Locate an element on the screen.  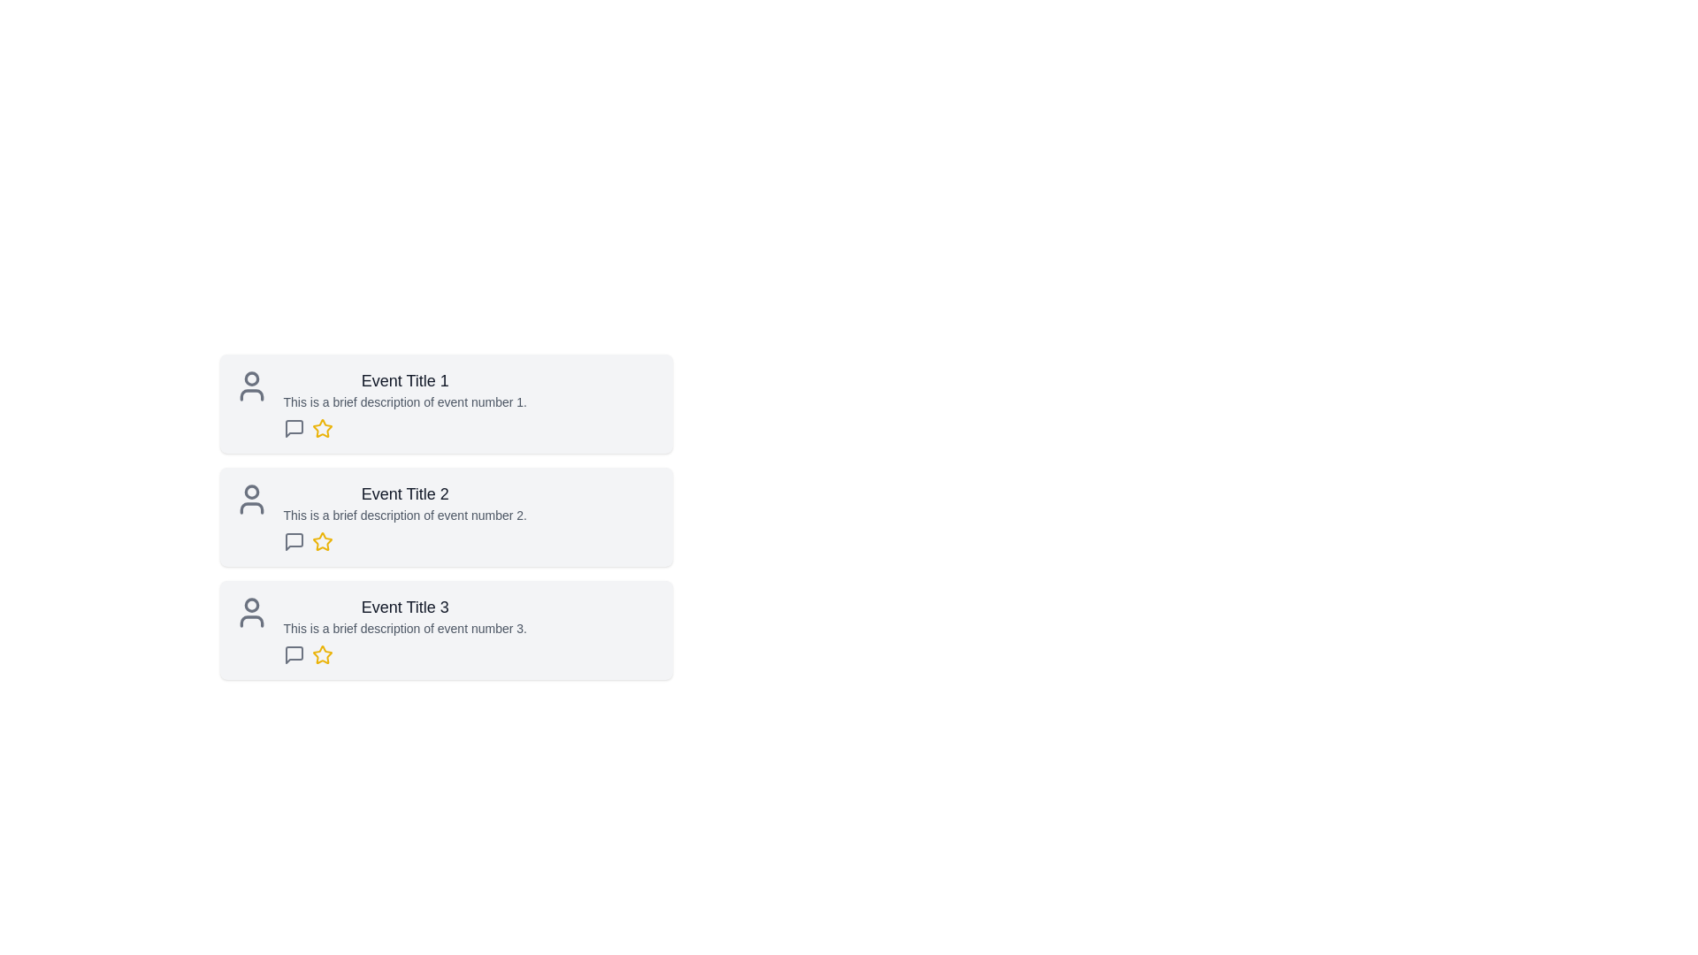
text from the small gray text block that contains 'This is a brief description of event number 3.' located below the title 'Event Title 3' in the third event card is located at coordinates (404, 627).